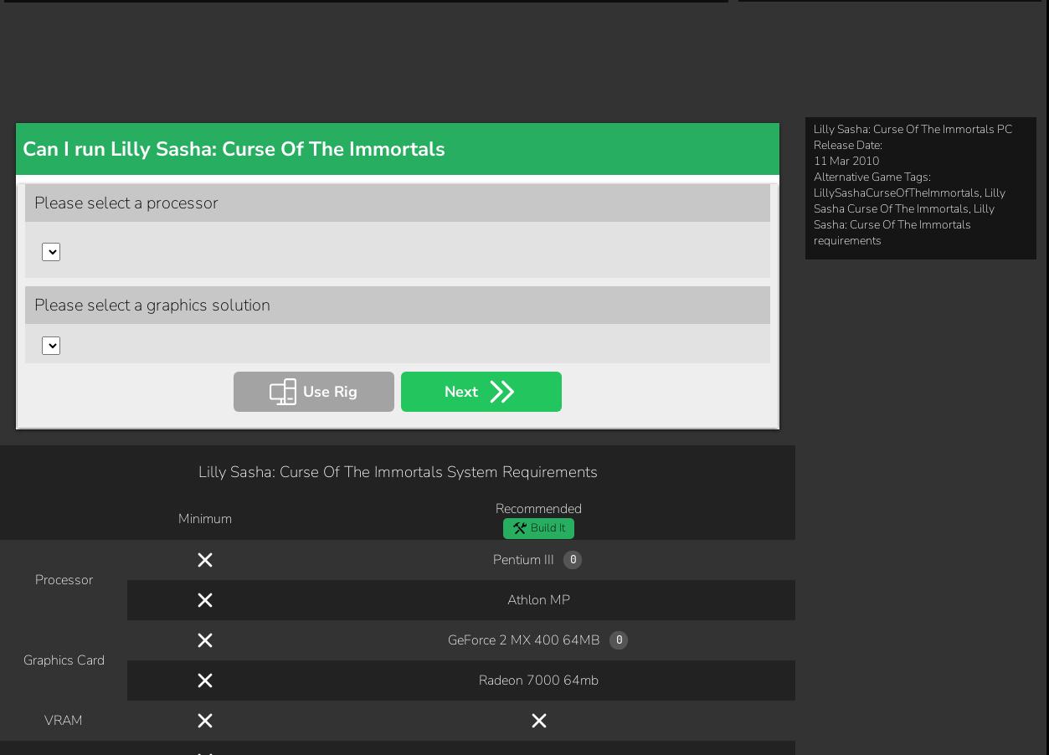 The height and width of the screenshot is (755, 1049). Describe the element at coordinates (537, 19) in the screenshot. I see `'Athlon MP'` at that location.